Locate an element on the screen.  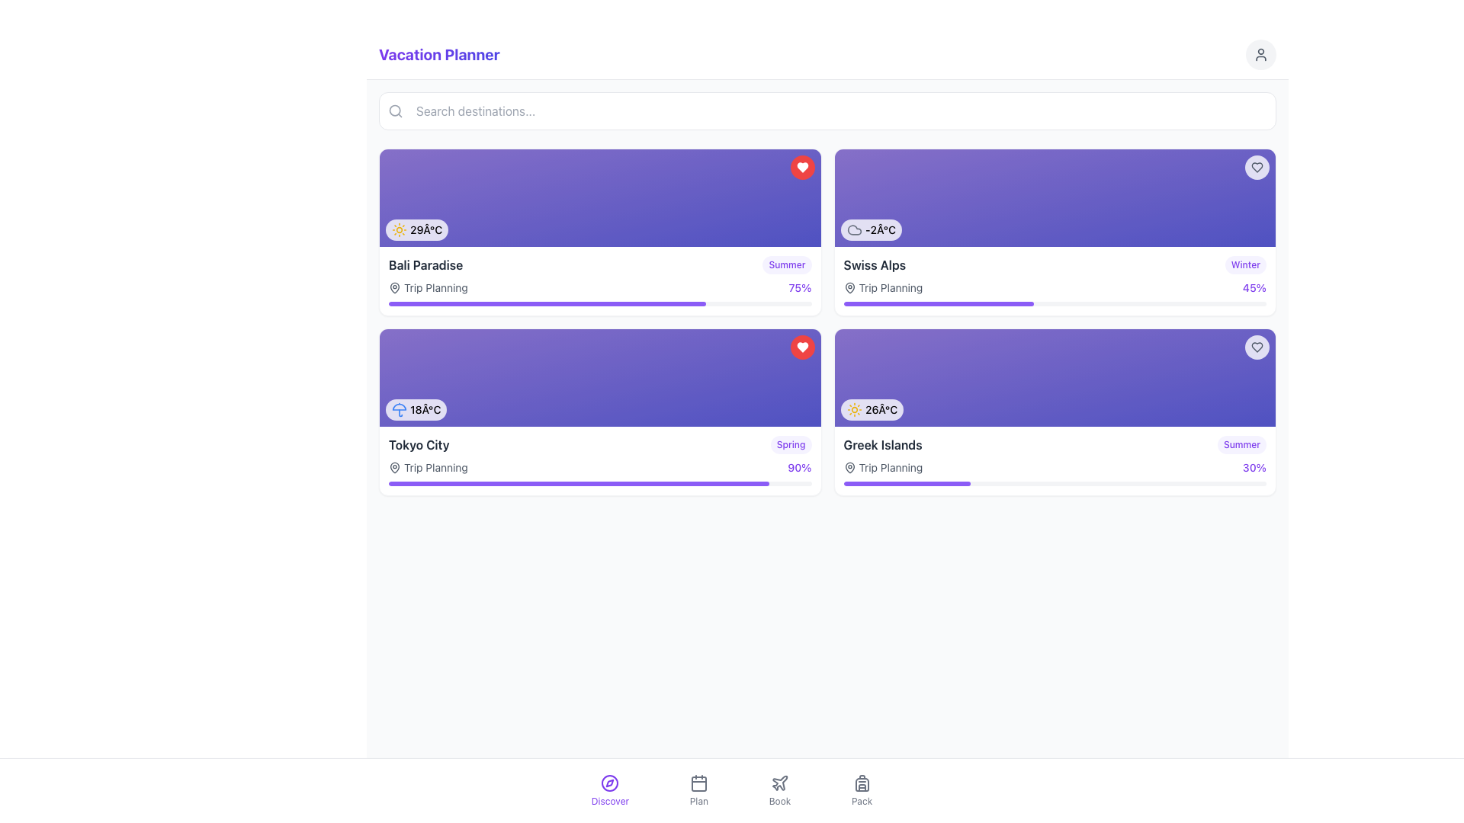
the favorite button for the 'Tokyo City' destination located in the top-right corner of its purple card is located at coordinates (801, 347).